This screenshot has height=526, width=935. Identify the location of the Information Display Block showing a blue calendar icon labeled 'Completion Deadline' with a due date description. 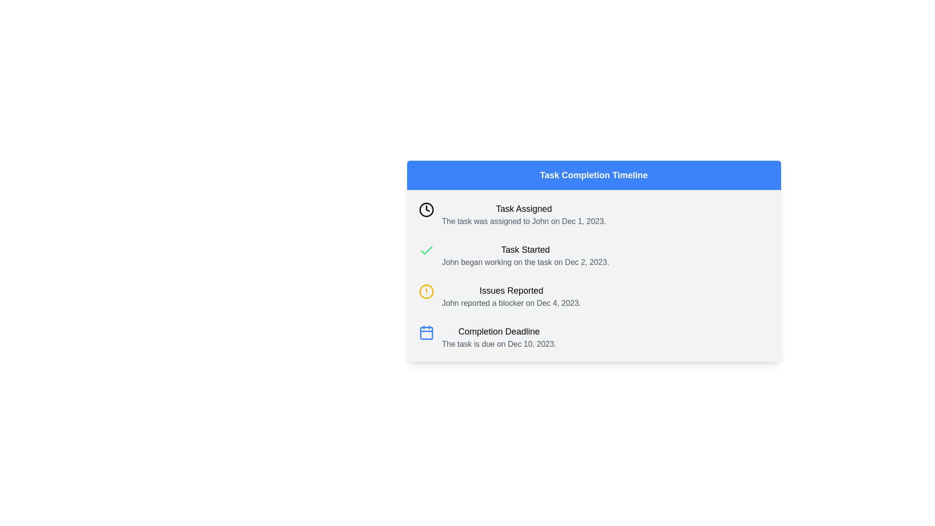
(593, 337).